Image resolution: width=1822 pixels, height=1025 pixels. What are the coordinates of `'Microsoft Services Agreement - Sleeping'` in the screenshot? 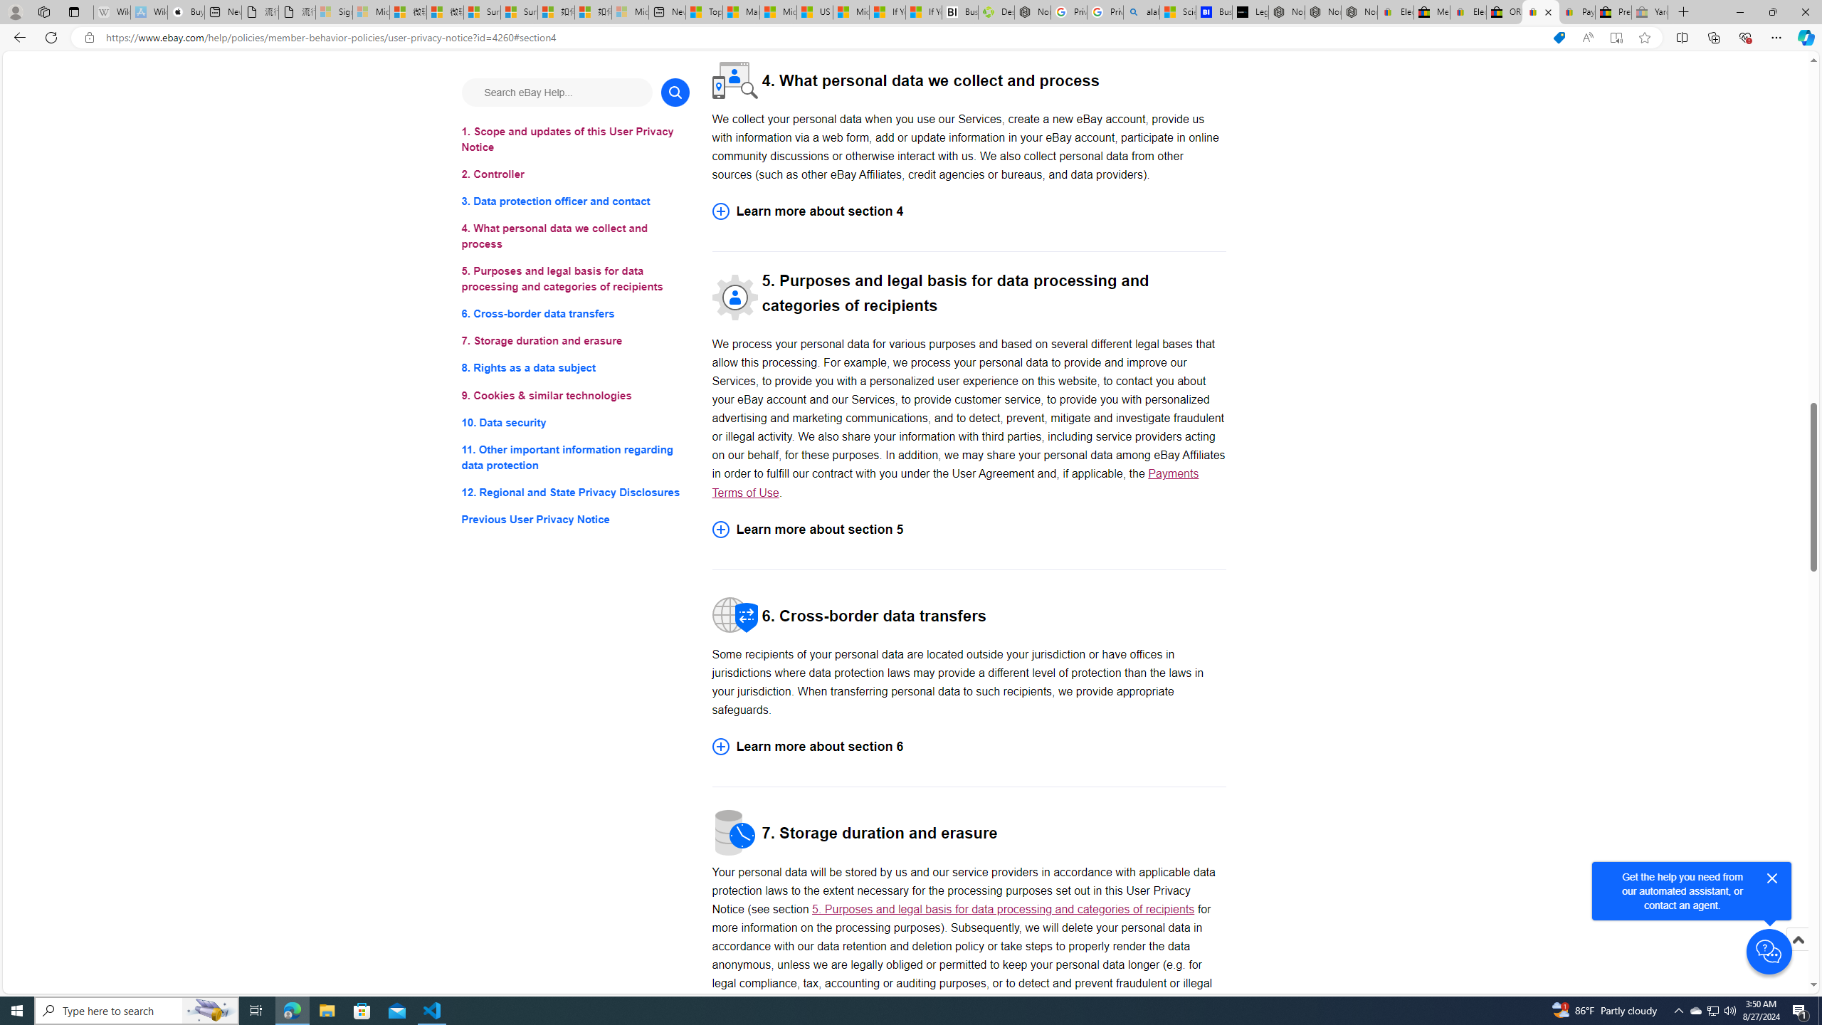 It's located at (369, 11).